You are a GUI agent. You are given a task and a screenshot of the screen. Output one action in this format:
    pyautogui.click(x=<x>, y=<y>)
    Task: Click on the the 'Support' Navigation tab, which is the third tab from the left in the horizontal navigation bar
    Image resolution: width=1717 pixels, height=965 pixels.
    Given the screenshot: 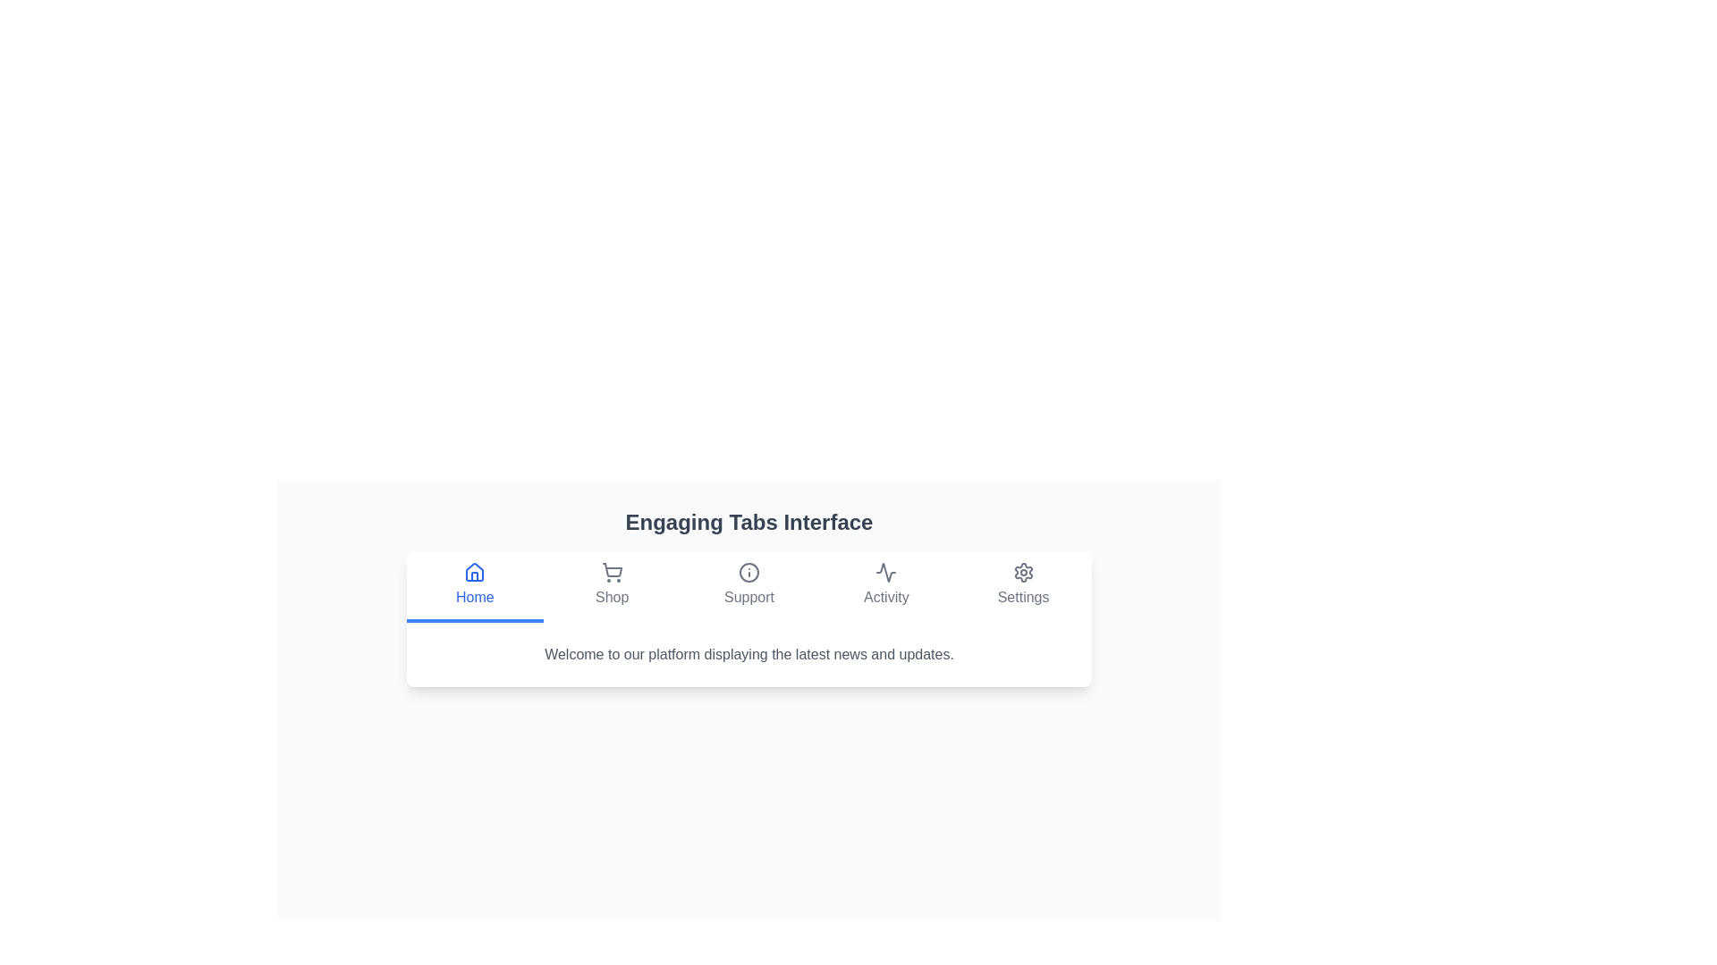 What is the action you would take?
    pyautogui.click(x=749, y=586)
    